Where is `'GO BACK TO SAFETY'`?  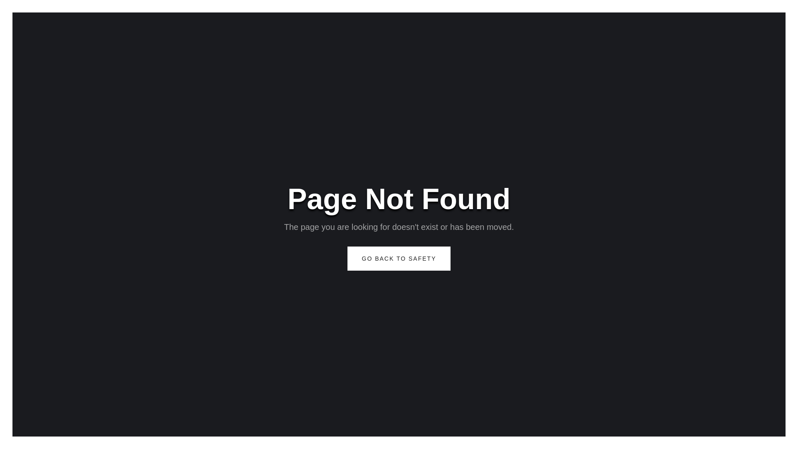
'GO BACK TO SAFETY' is located at coordinates (399, 258).